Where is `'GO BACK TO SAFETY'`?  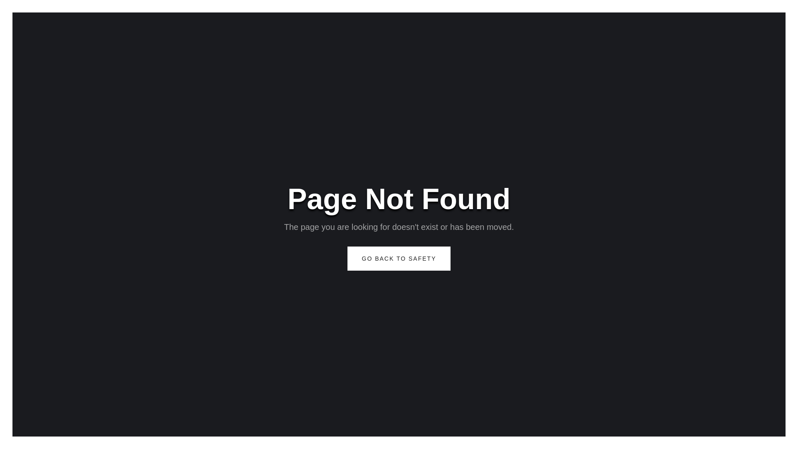
'GO BACK TO SAFETY' is located at coordinates (399, 258).